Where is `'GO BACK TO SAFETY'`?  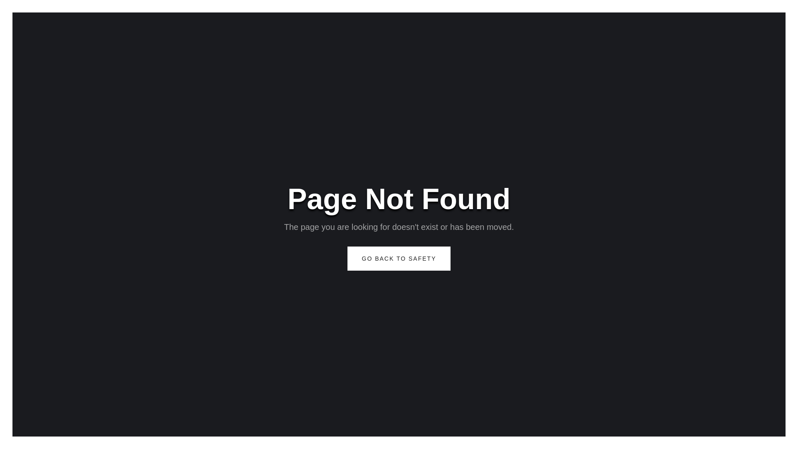
'GO BACK TO SAFETY' is located at coordinates (399, 258).